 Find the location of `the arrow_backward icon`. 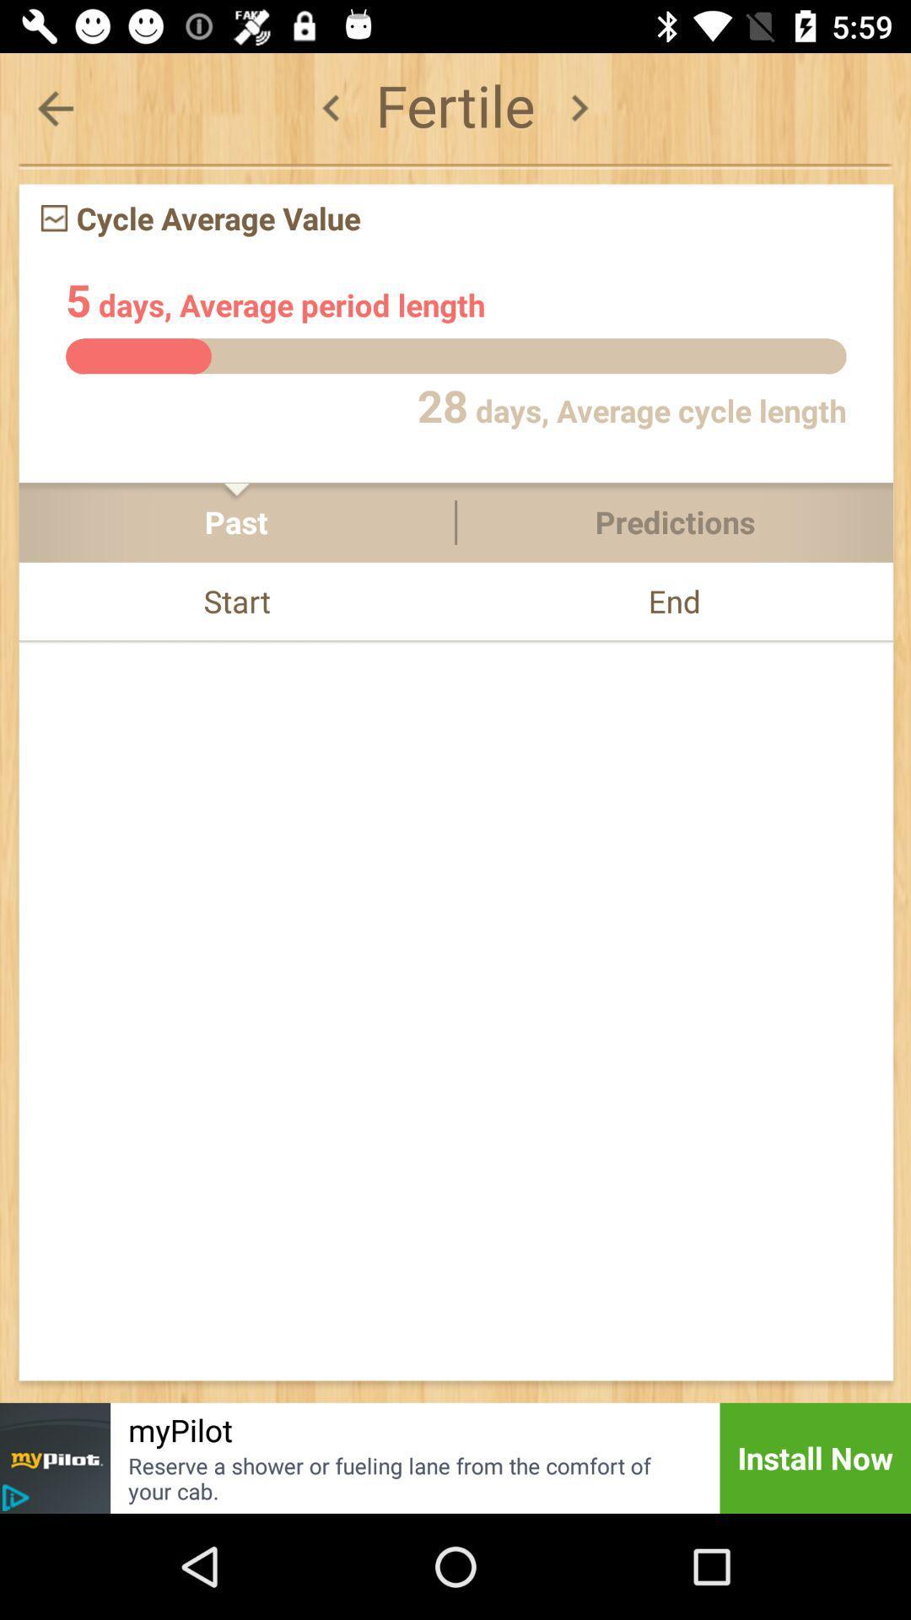

the arrow_backward icon is located at coordinates (332, 107).